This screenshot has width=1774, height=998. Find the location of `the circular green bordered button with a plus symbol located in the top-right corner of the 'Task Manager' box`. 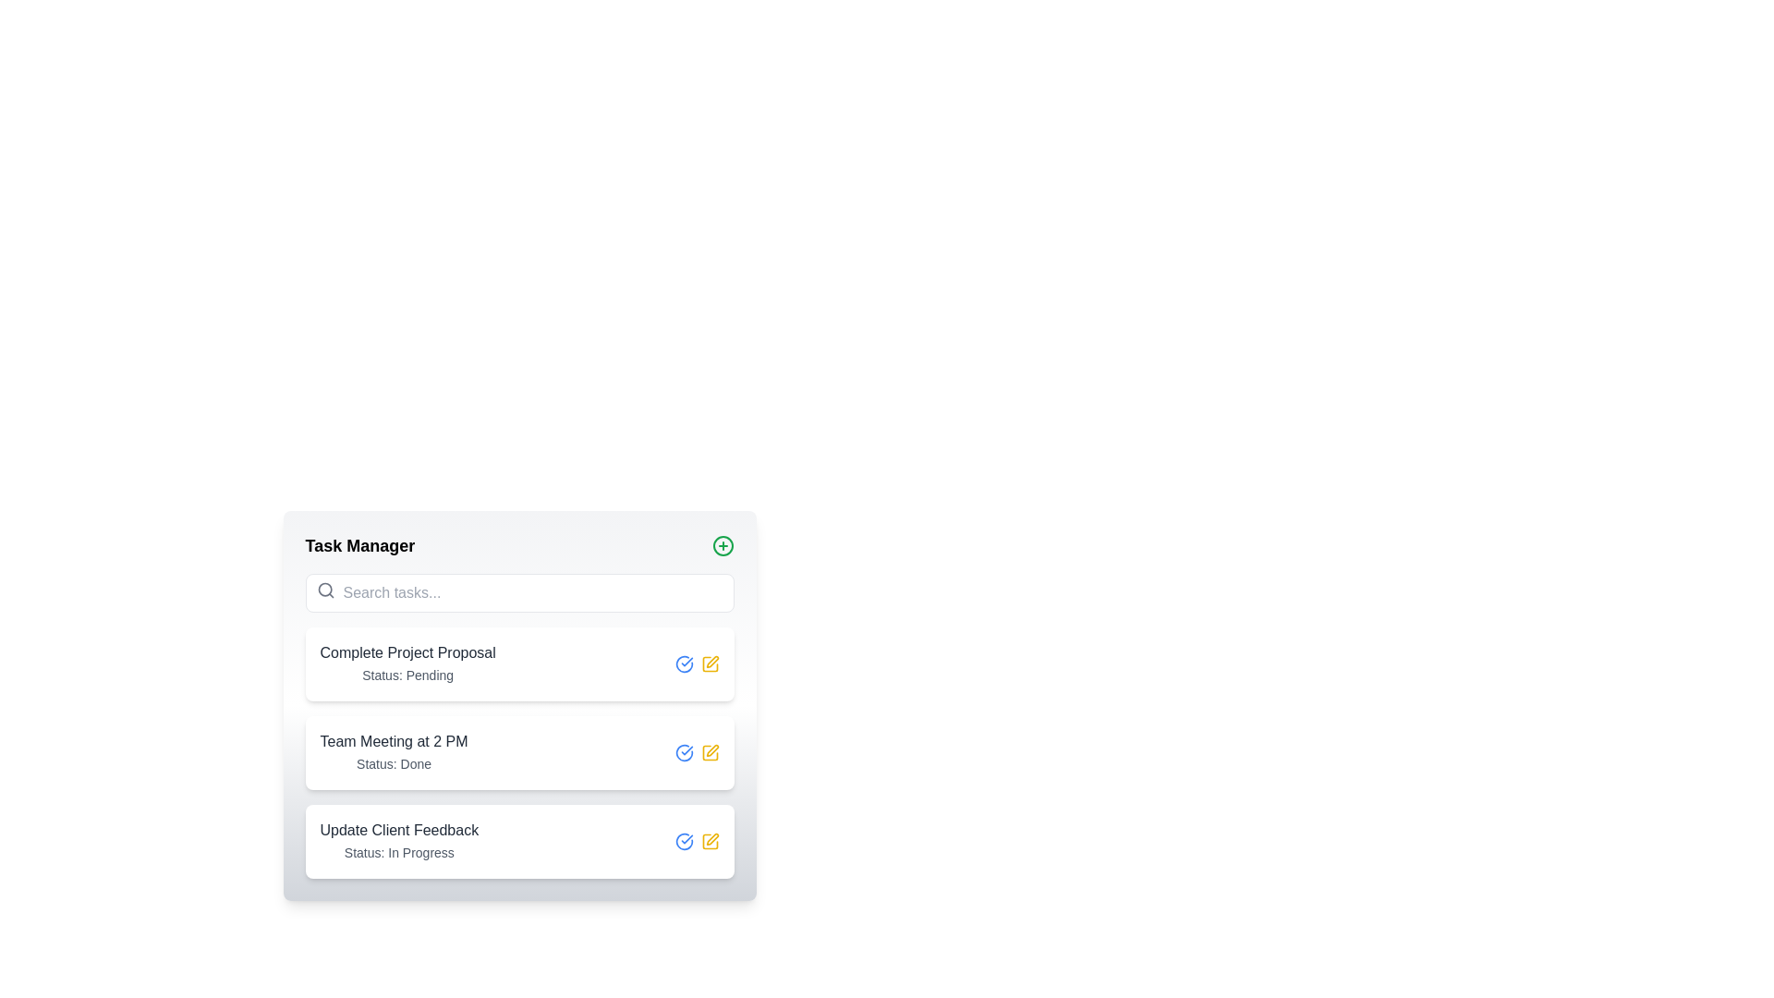

the circular green bordered button with a plus symbol located in the top-right corner of the 'Task Manager' box is located at coordinates (722, 544).